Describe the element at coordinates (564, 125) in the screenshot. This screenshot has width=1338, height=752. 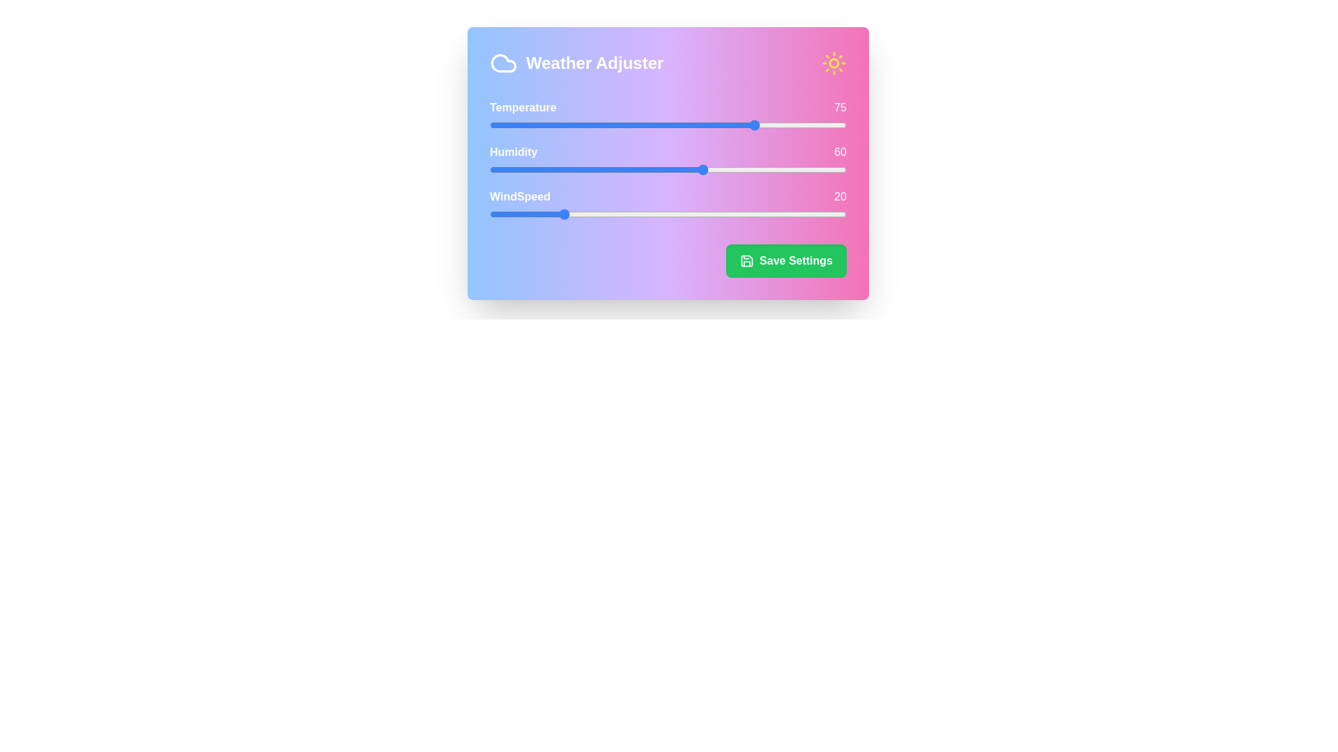
I see `the temperature slider` at that location.